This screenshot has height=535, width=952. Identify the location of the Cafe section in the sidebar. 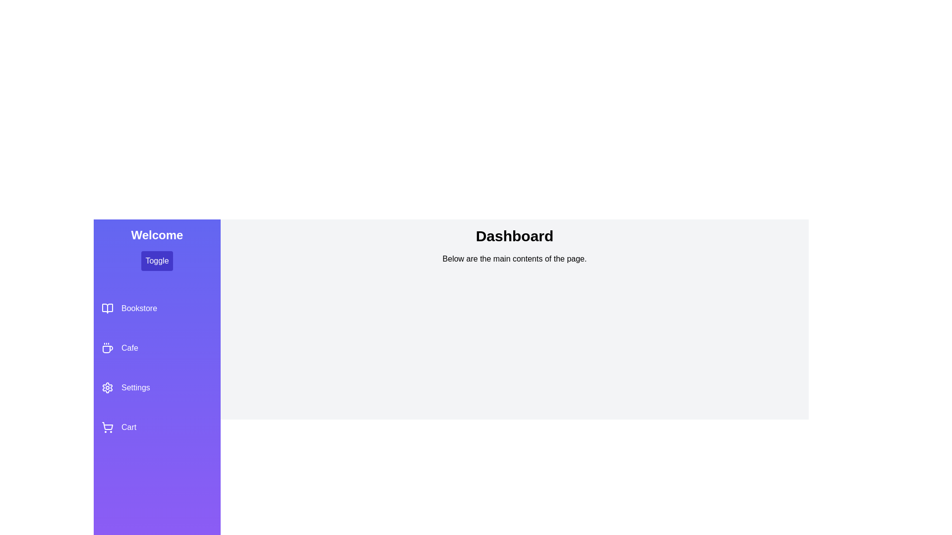
(156, 347).